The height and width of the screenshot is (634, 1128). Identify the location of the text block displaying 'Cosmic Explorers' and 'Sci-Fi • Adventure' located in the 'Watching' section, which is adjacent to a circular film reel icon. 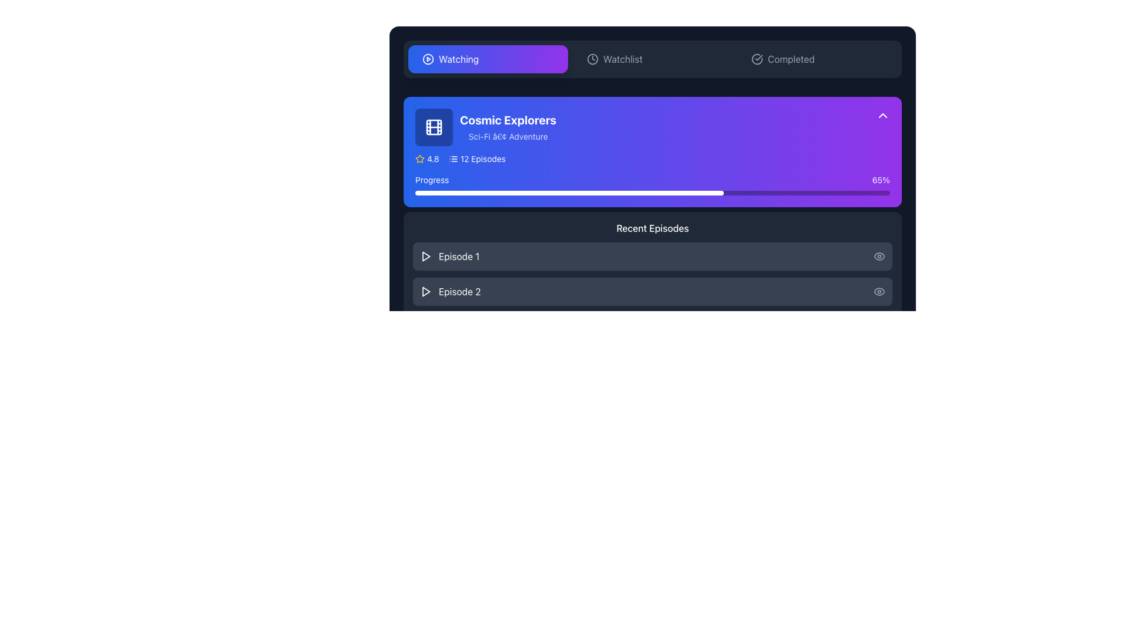
(508, 127).